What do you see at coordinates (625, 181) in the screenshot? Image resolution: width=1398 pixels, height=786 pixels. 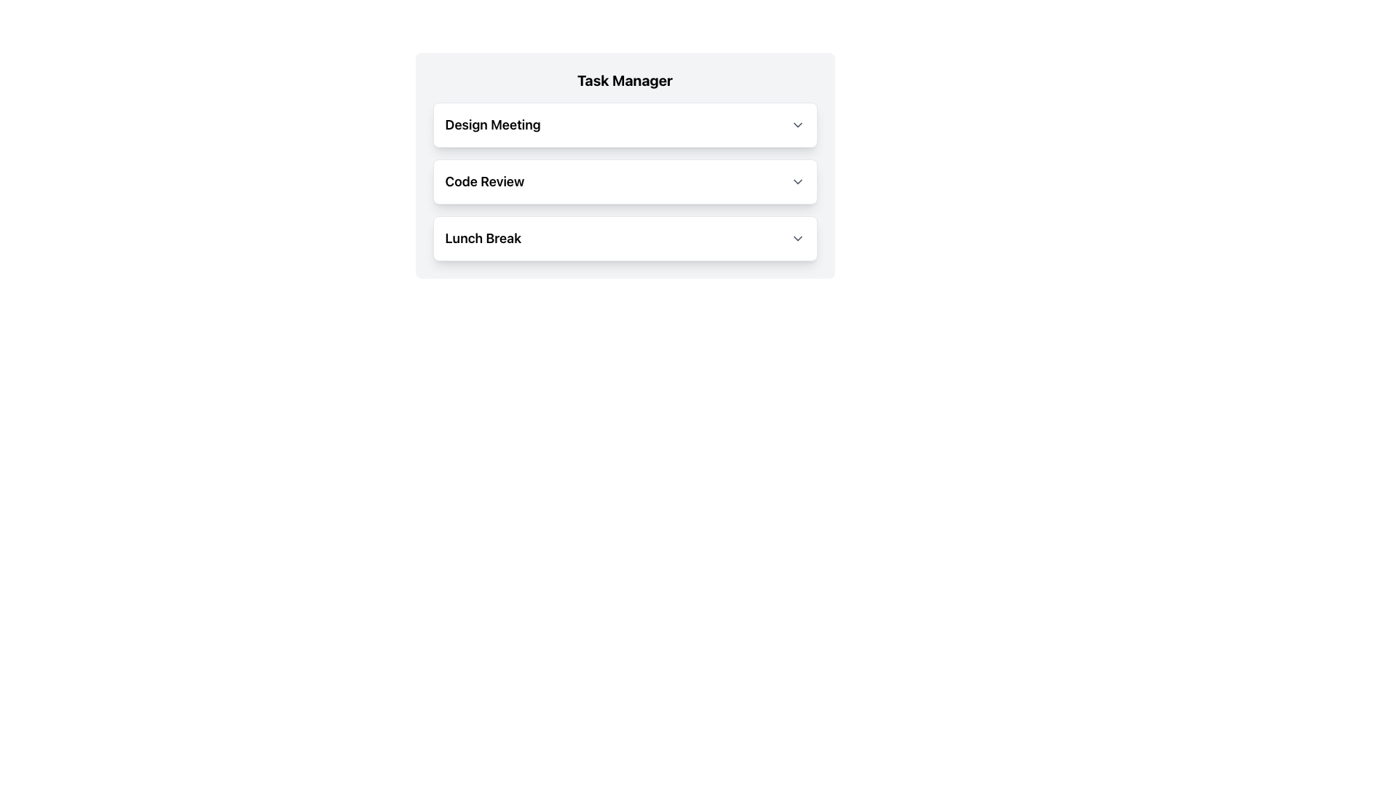 I see `the task panel located below the 'Design Meeting' item and above the 'Lunch Break' item to mark it as active` at bounding box center [625, 181].